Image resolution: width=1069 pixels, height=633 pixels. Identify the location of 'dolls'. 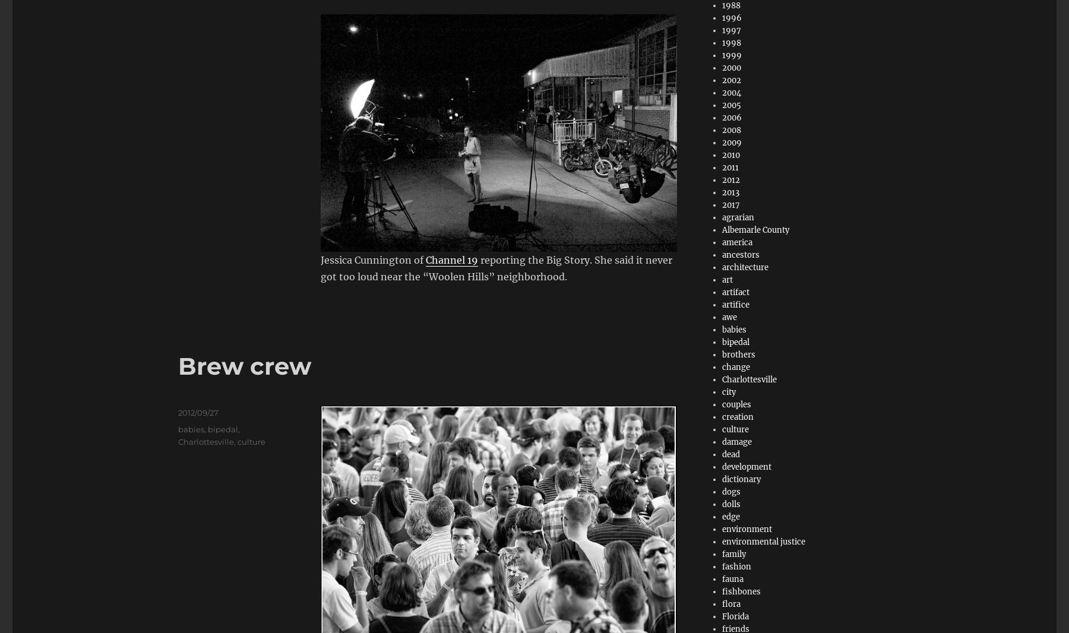
(730, 504).